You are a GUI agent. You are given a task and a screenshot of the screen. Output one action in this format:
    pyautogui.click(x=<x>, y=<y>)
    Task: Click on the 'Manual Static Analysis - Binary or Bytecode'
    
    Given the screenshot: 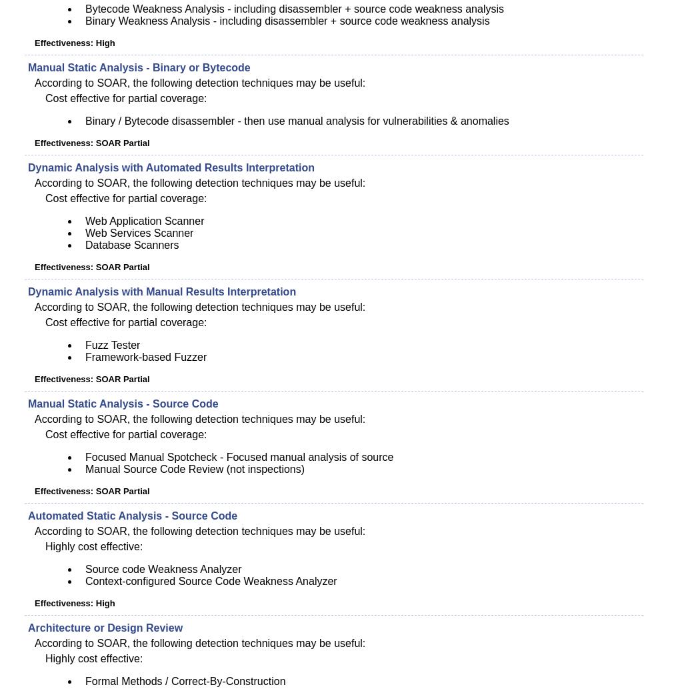 What is the action you would take?
    pyautogui.click(x=138, y=67)
    